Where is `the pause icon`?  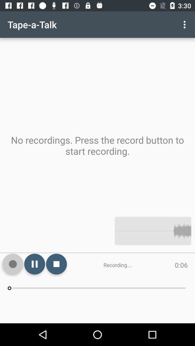
the pause icon is located at coordinates (34, 263).